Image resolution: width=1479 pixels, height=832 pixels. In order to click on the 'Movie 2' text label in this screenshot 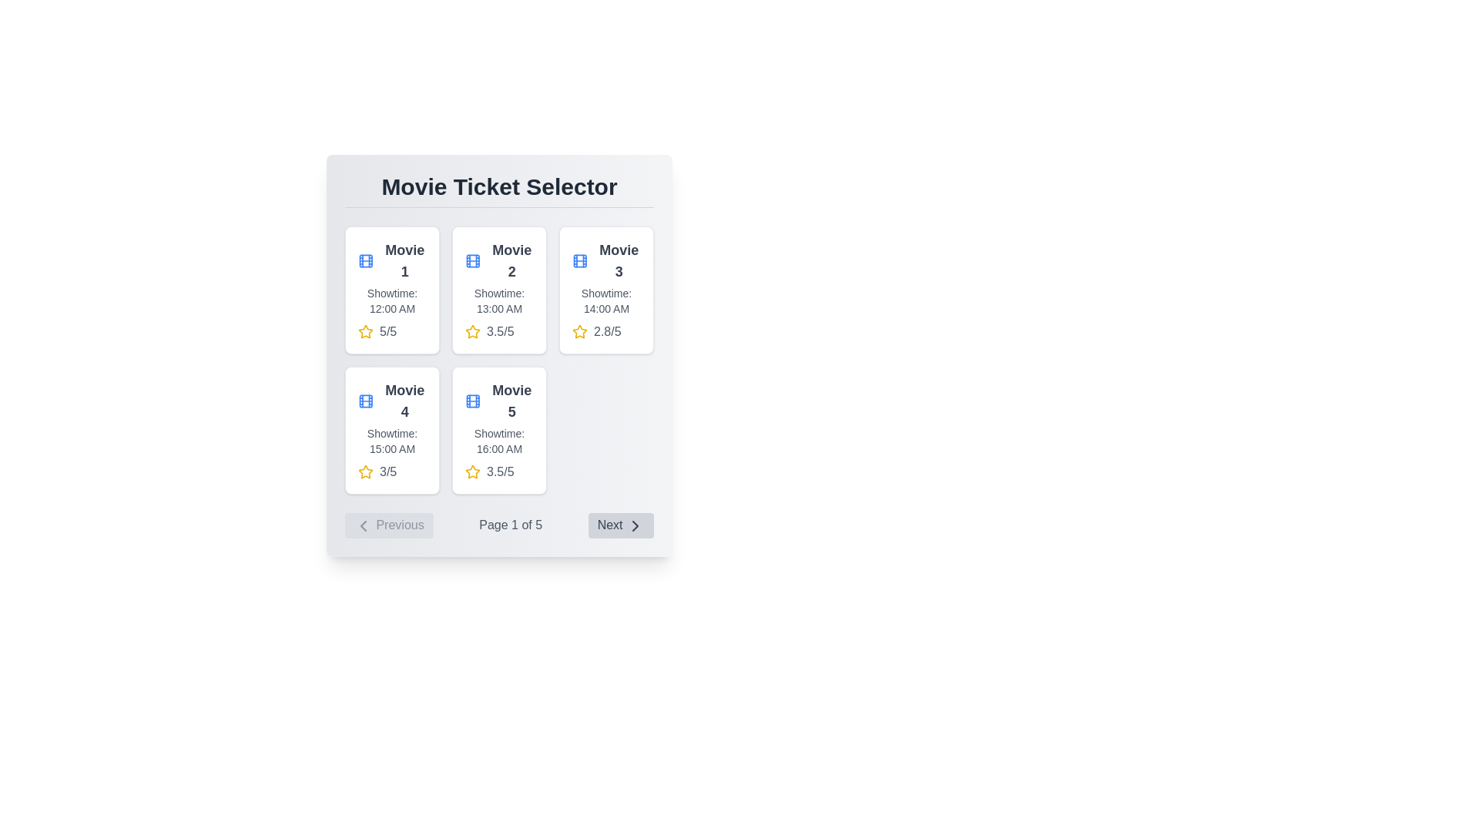, I will do `click(499, 260)`.